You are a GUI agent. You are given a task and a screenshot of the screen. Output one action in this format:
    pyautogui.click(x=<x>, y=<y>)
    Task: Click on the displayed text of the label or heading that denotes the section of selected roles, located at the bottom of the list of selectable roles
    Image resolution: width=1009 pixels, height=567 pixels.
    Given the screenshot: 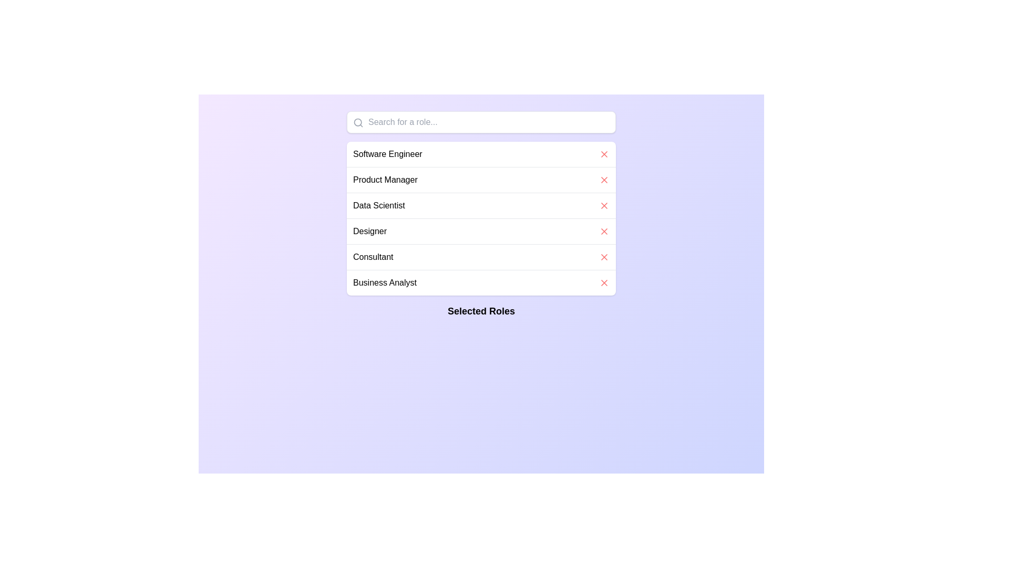 What is the action you would take?
    pyautogui.click(x=481, y=311)
    